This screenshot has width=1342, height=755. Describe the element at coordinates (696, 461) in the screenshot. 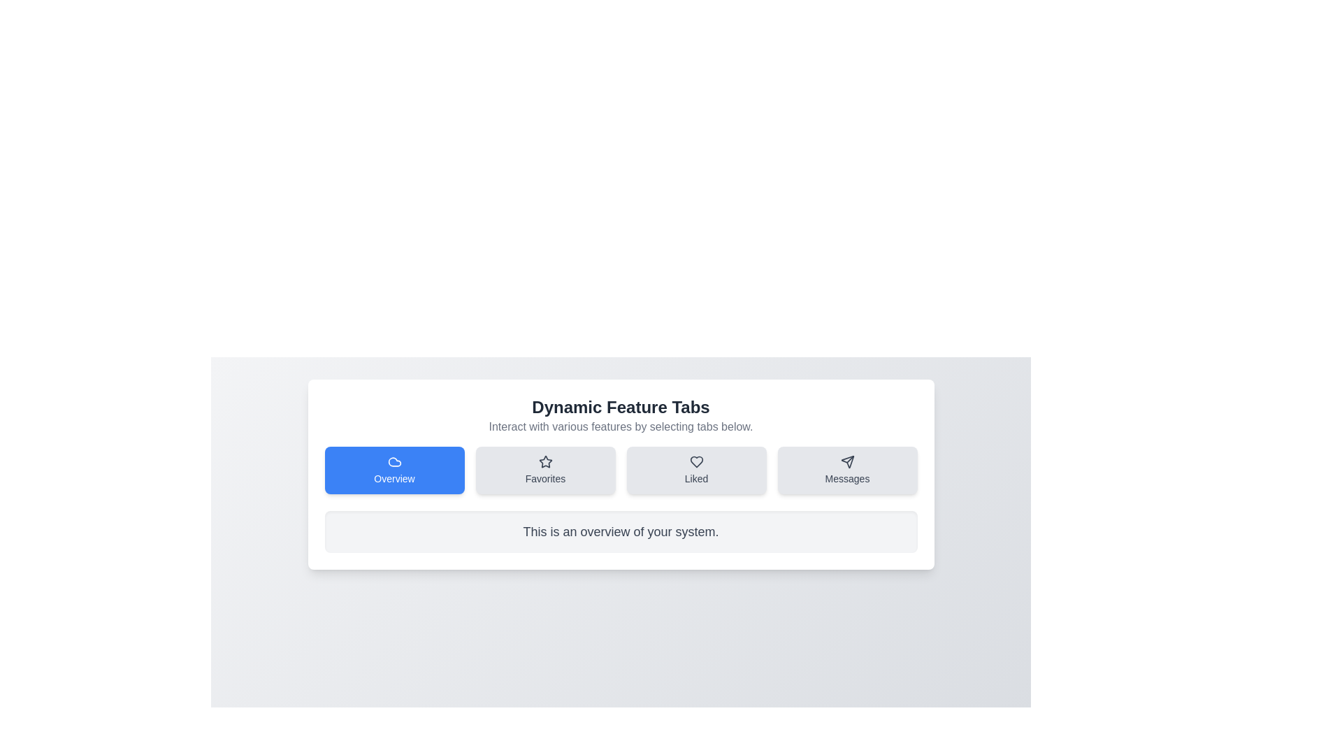

I see `the heart-shaped icon with a dark stroke and hollow interior, located in the third column of the navigation bar above the 'Liked' label` at that location.